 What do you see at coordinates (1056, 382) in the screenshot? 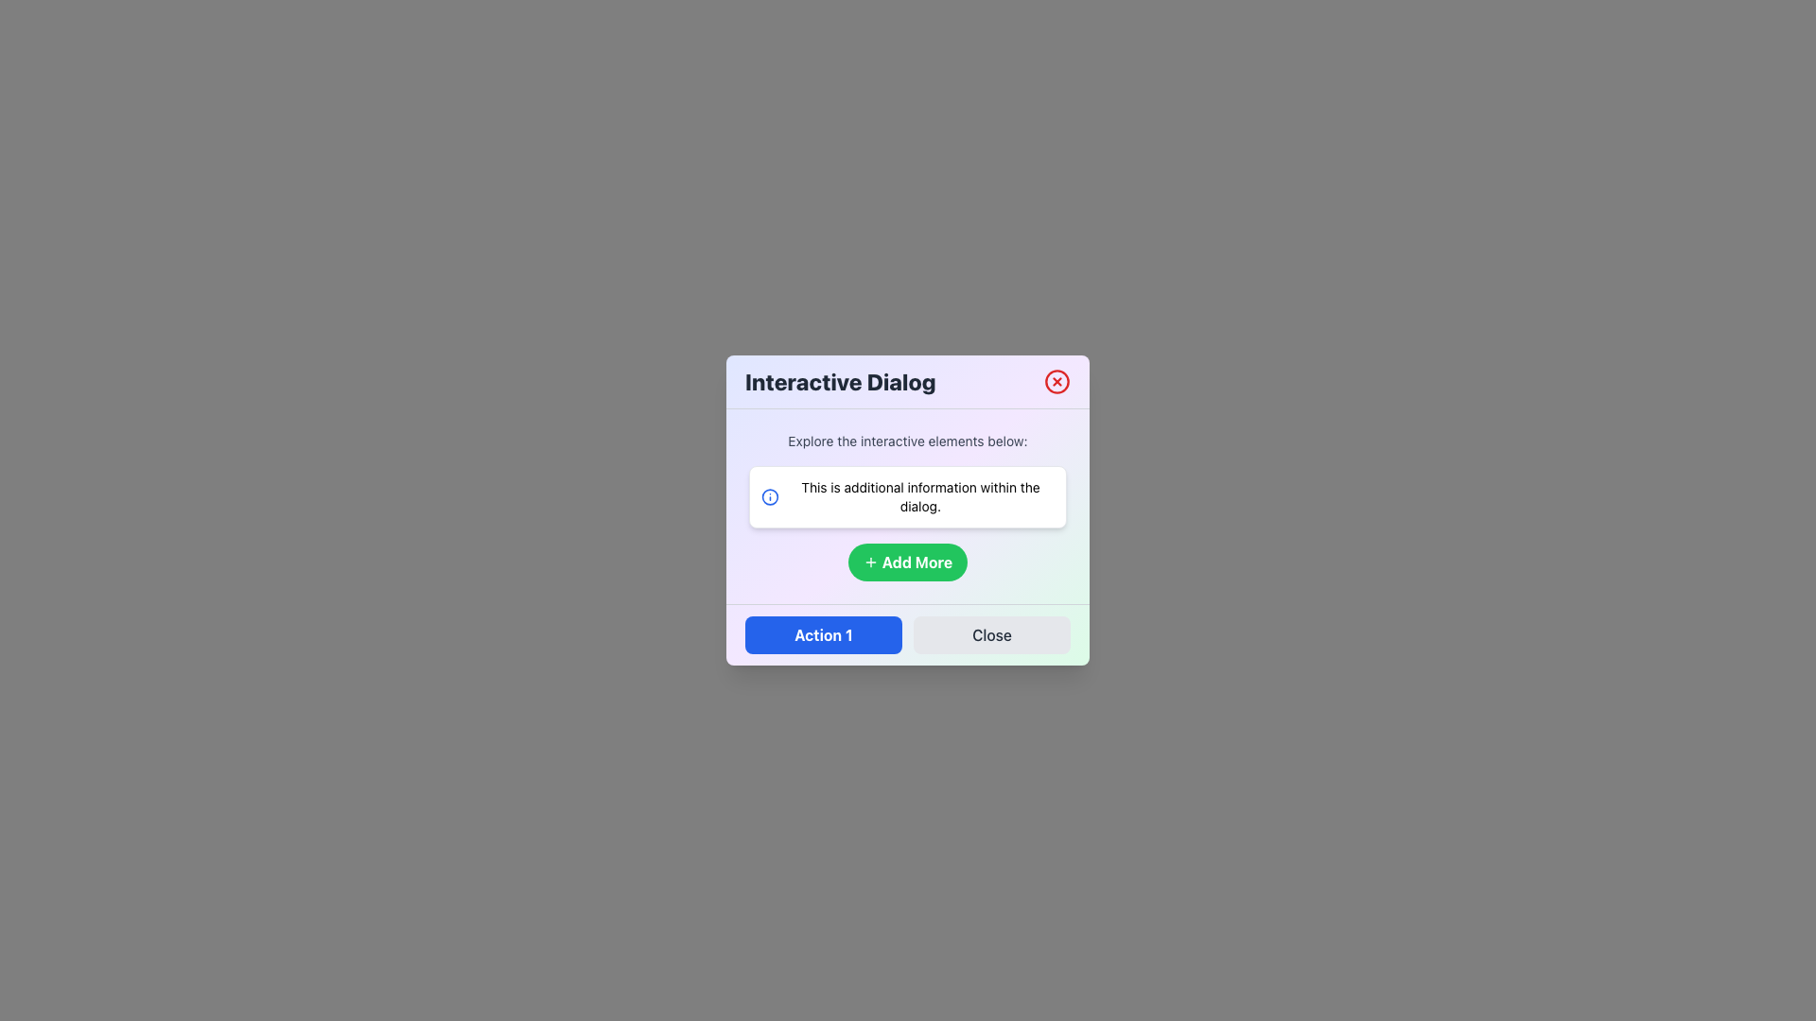
I see `the red circular close button located at the top-right corner of the modal dialog box` at bounding box center [1056, 382].